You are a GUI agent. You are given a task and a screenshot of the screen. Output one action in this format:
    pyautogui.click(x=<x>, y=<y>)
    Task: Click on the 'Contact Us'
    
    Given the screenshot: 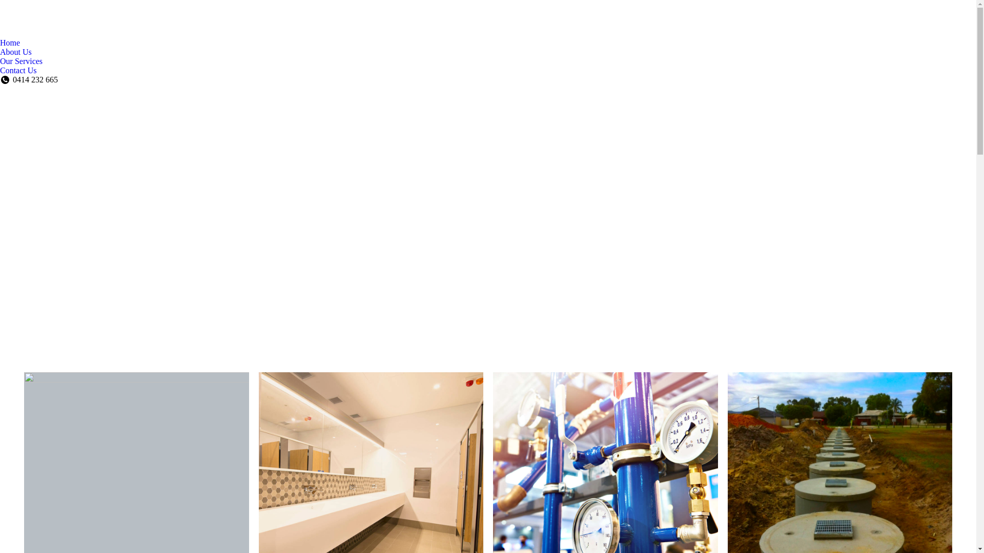 What is the action you would take?
    pyautogui.click(x=18, y=70)
    